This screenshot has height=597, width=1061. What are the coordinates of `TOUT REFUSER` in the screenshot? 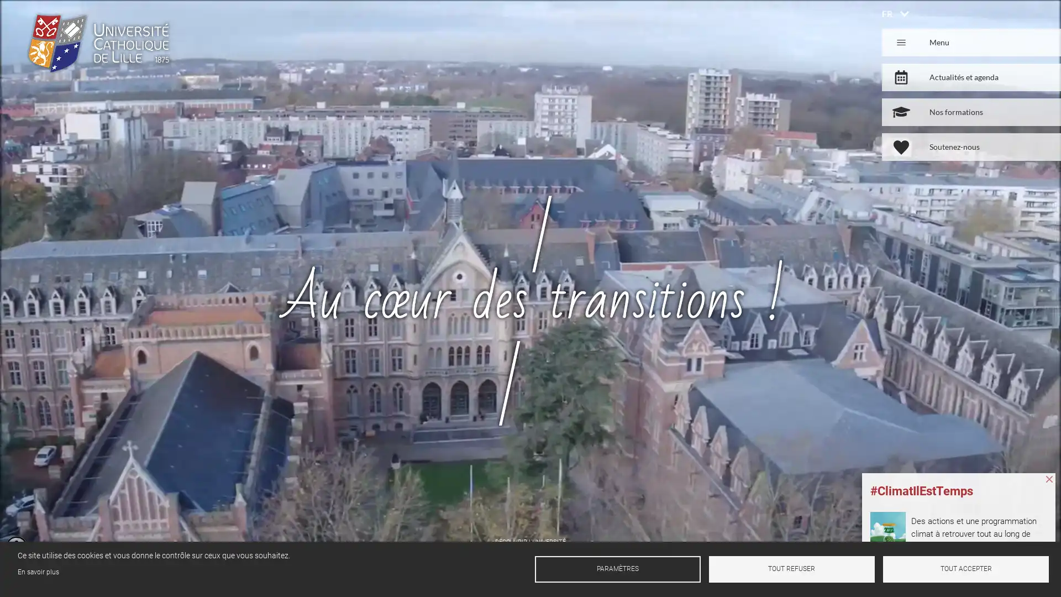 It's located at (790, 569).